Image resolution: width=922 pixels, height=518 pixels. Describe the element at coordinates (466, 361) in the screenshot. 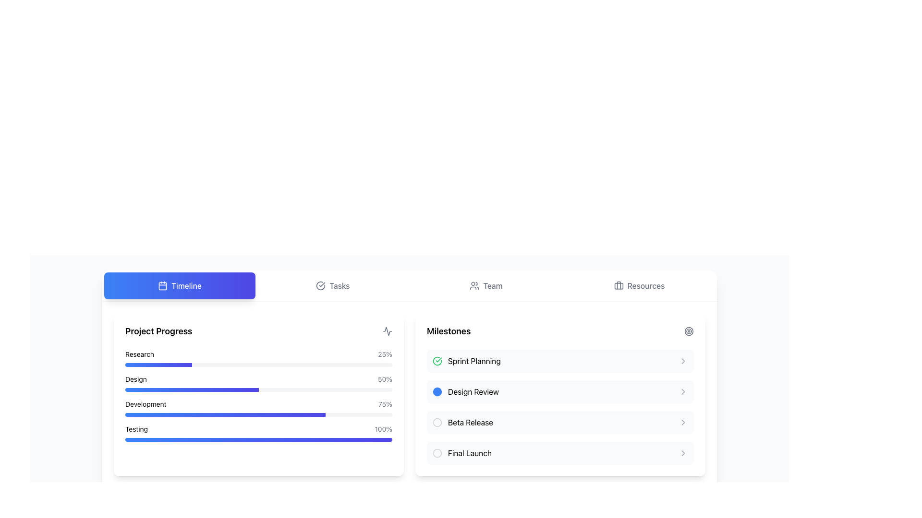

I see `the completed milestone labeled 'Sprint Planning'` at that location.